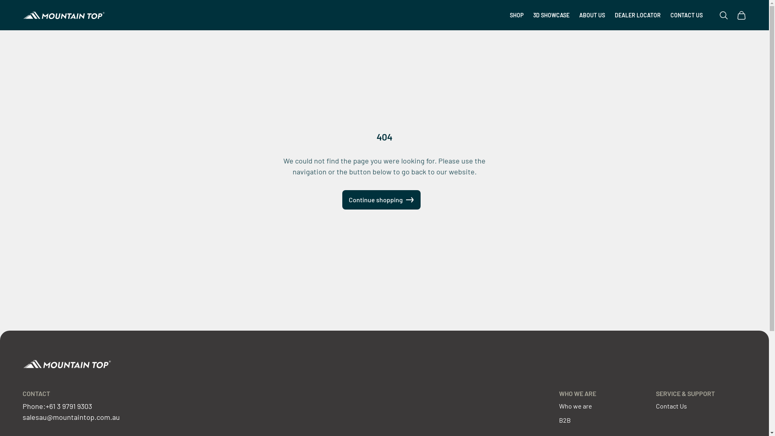 The width and height of the screenshot is (775, 436). What do you see at coordinates (724, 15) in the screenshot?
I see `'Open search'` at bounding box center [724, 15].